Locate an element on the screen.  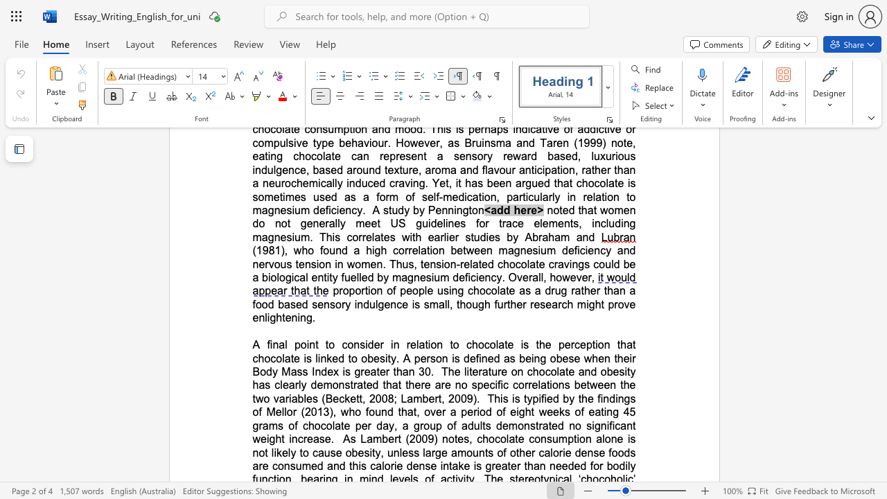
the subset text "ion to cho" within the text "to consider in relation to chocolate is the" is located at coordinates (427, 344).